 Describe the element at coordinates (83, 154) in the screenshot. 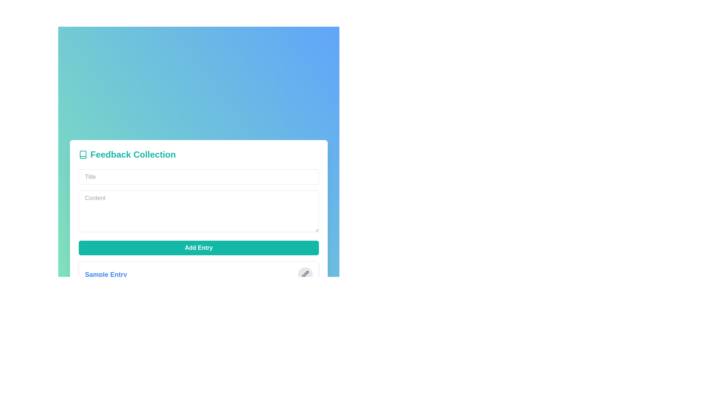

I see `the icon located at the top left of the 'Feedback Collection' section, which symbolizes documentation or records` at that location.